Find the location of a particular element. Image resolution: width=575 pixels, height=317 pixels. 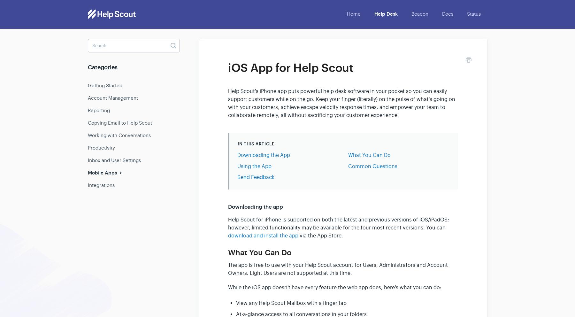

'Categories' is located at coordinates (102, 67).